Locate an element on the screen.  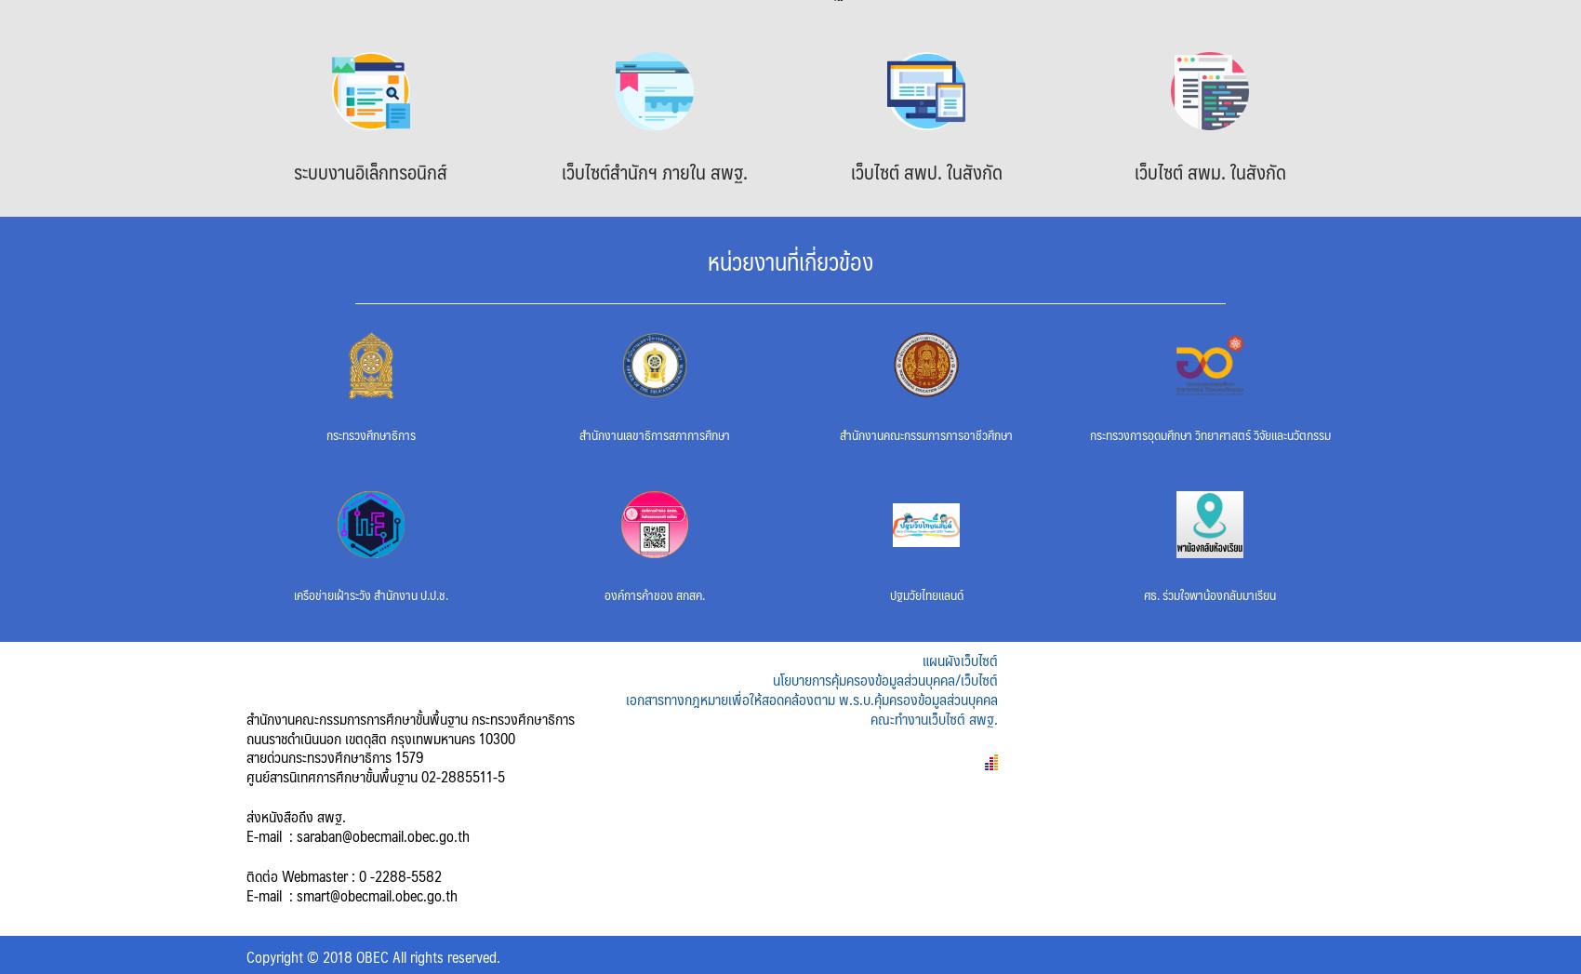
'เอกสารทางกฎหมายเพื่อให้สอดคล้องตาม พ.ร.บ.คุ้มครองข้อมูลส่วนบุคคล' is located at coordinates (810, 698).